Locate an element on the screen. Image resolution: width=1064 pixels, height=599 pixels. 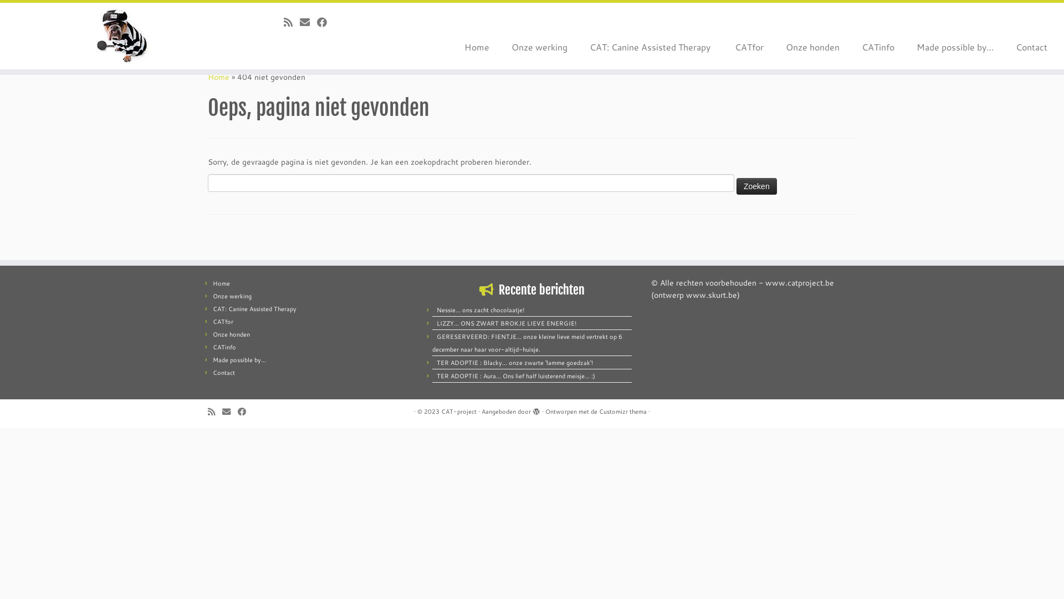
'CAT: Canine Assisted Therapy ' is located at coordinates (651, 46).